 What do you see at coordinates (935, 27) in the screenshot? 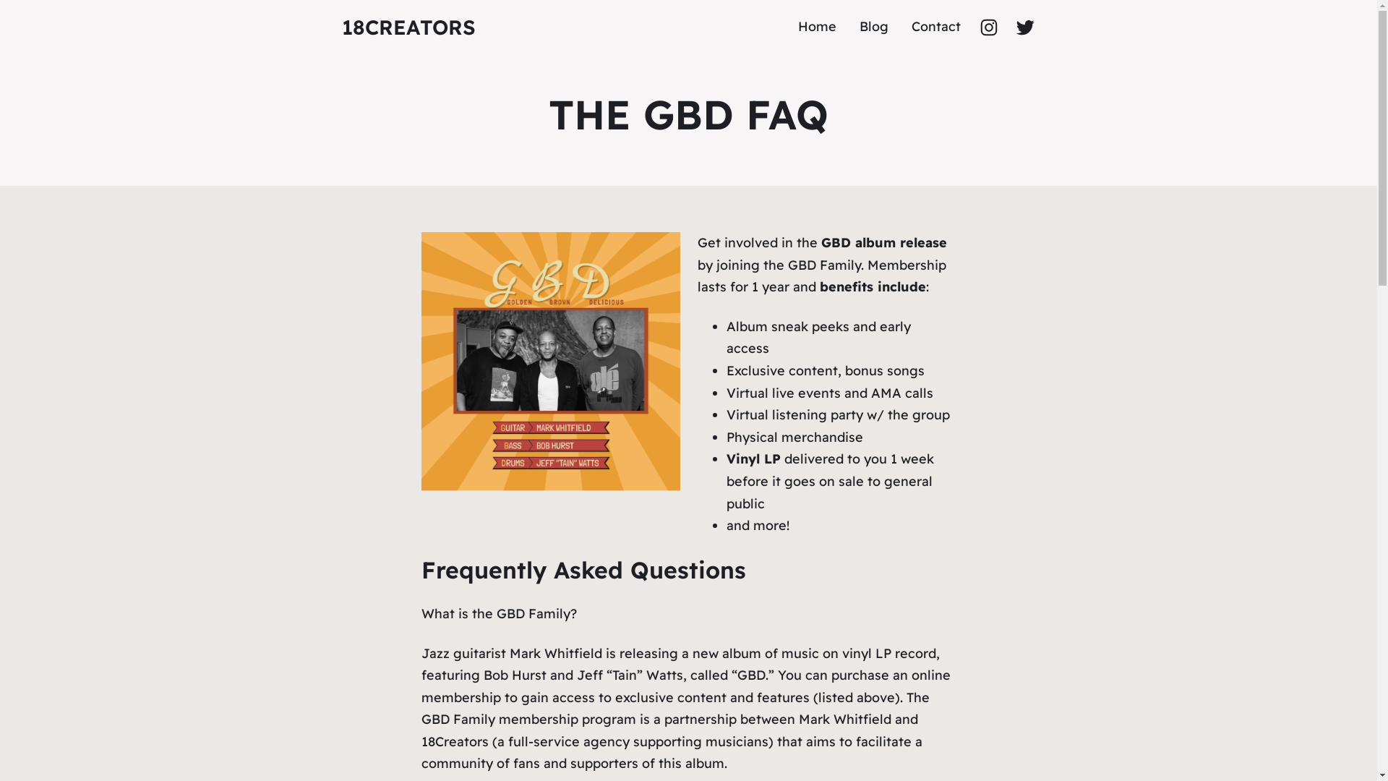
I see `'Contact'` at bounding box center [935, 27].